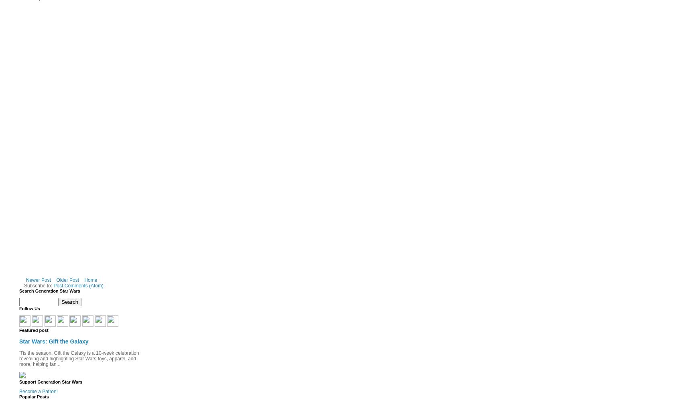 The height and width of the screenshot is (400, 686). What do you see at coordinates (33, 396) in the screenshot?
I see `'Popular Posts'` at bounding box center [33, 396].